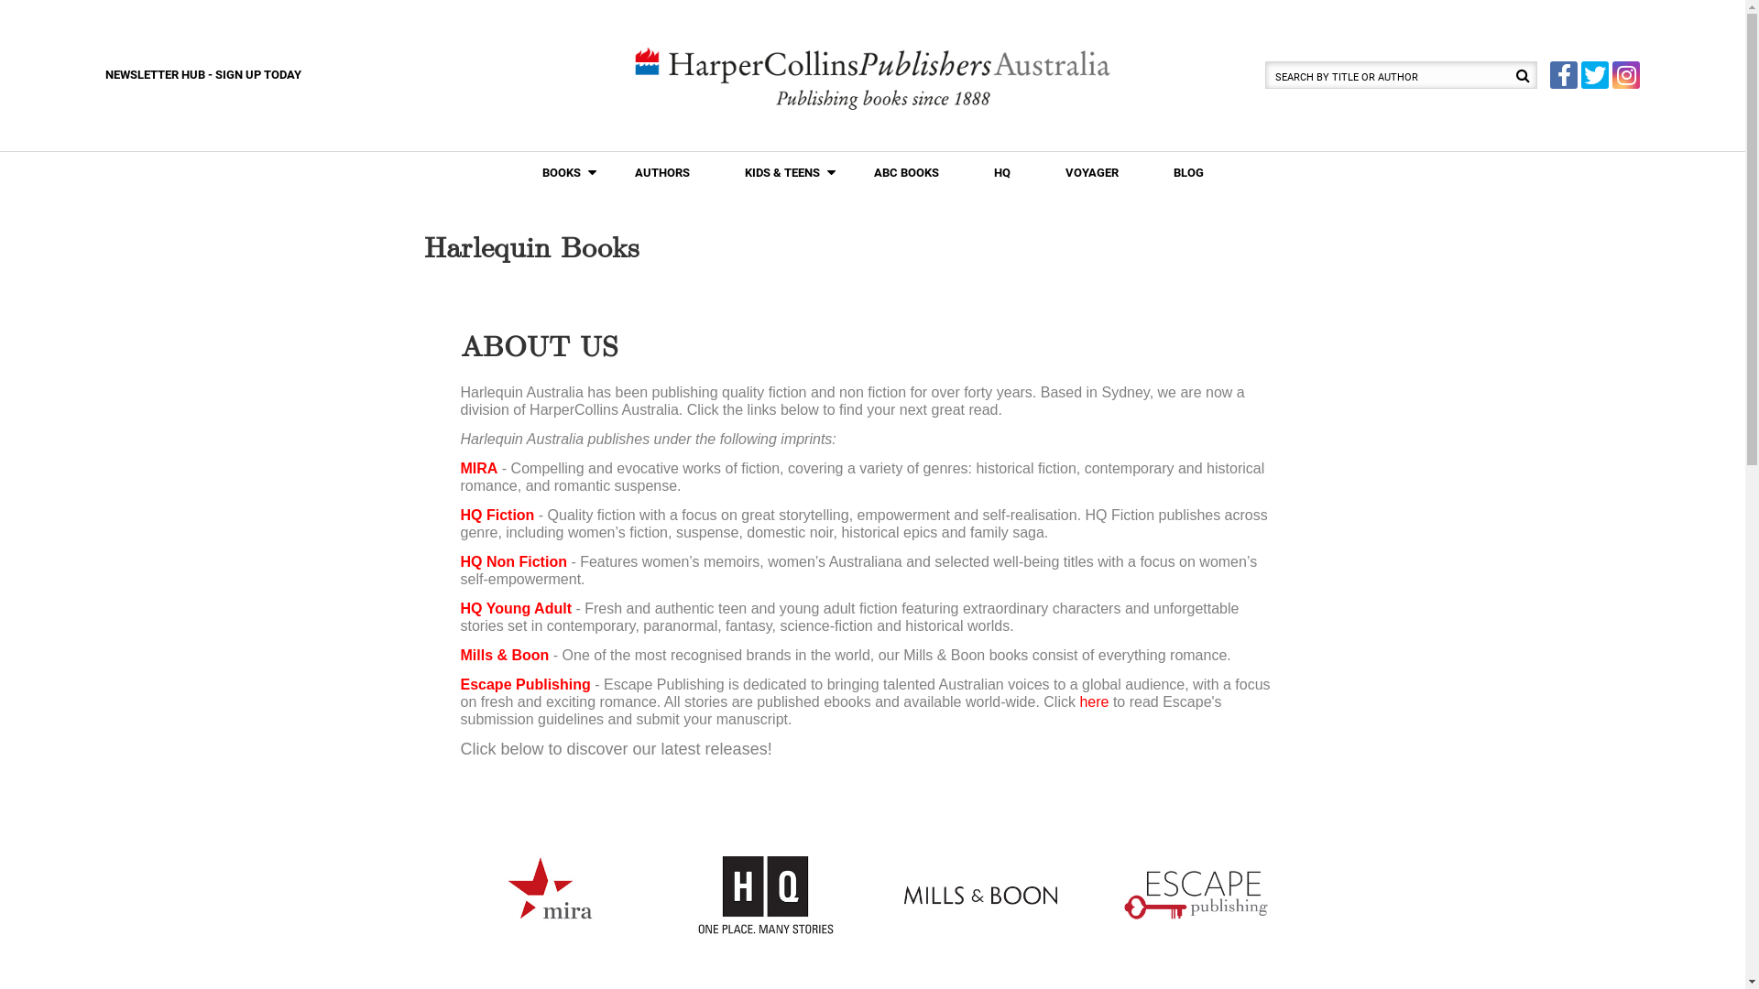 The image size is (1759, 989). Describe the element at coordinates (906, 173) in the screenshot. I see `'ABC BOOKS'` at that location.